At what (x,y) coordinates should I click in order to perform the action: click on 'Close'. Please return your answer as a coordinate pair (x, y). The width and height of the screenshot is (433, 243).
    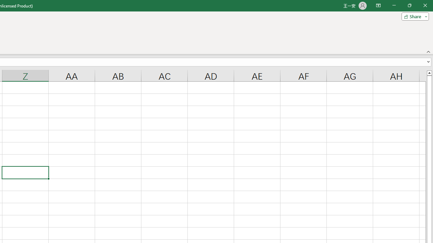
    Looking at the image, I should click on (425, 5).